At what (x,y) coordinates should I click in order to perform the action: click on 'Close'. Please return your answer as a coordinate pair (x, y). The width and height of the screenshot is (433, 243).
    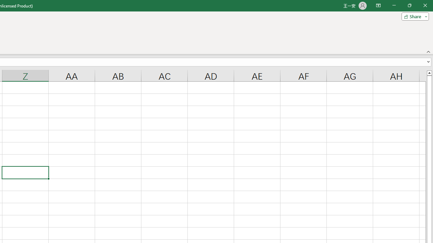
    Looking at the image, I should click on (425, 5).